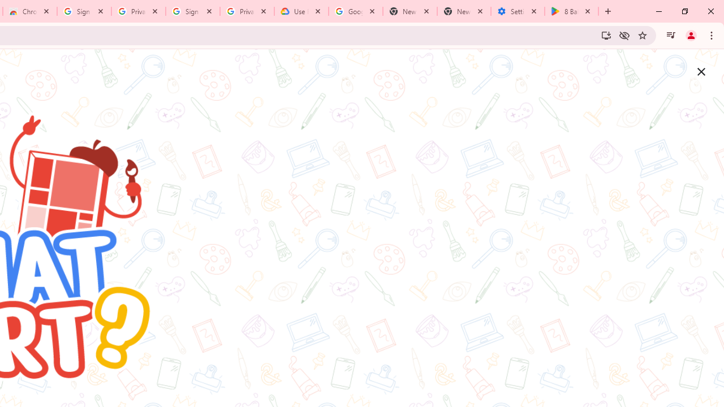 The image size is (724, 407). Describe the element at coordinates (571, 11) in the screenshot. I see `'8 Ball Pool - Apps on Google Play'` at that location.